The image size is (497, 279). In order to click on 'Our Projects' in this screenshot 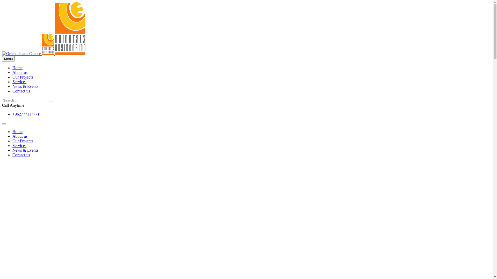, I will do `click(22, 77)`.